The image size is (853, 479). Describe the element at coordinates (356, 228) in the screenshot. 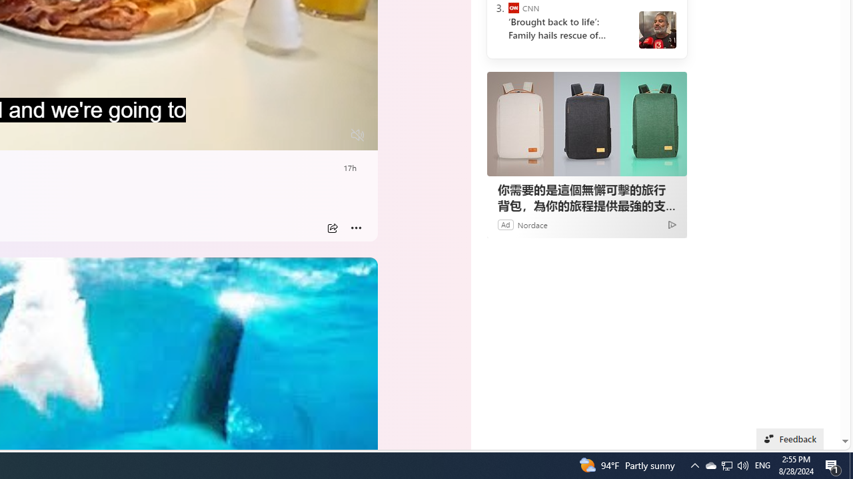

I see `'More'` at that location.